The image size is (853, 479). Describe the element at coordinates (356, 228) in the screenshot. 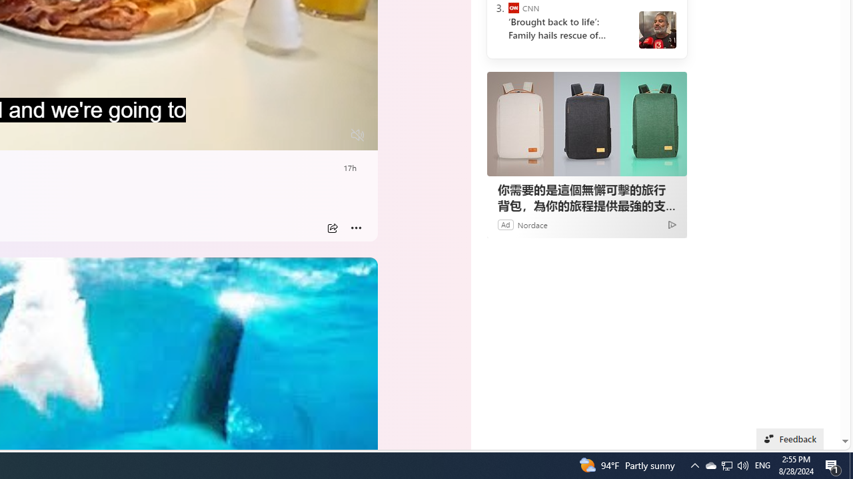

I see `'More'` at that location.